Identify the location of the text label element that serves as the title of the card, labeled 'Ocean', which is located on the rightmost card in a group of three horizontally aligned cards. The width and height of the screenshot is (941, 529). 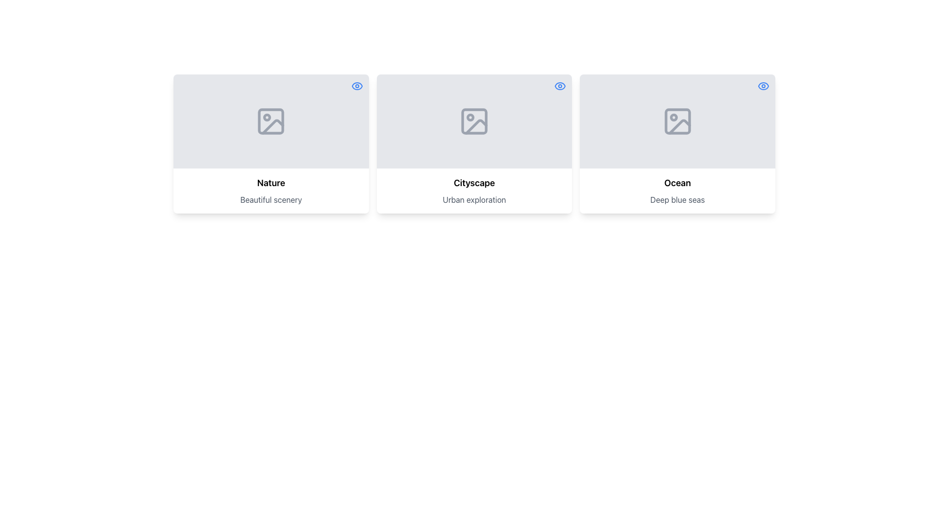
(677, 183).